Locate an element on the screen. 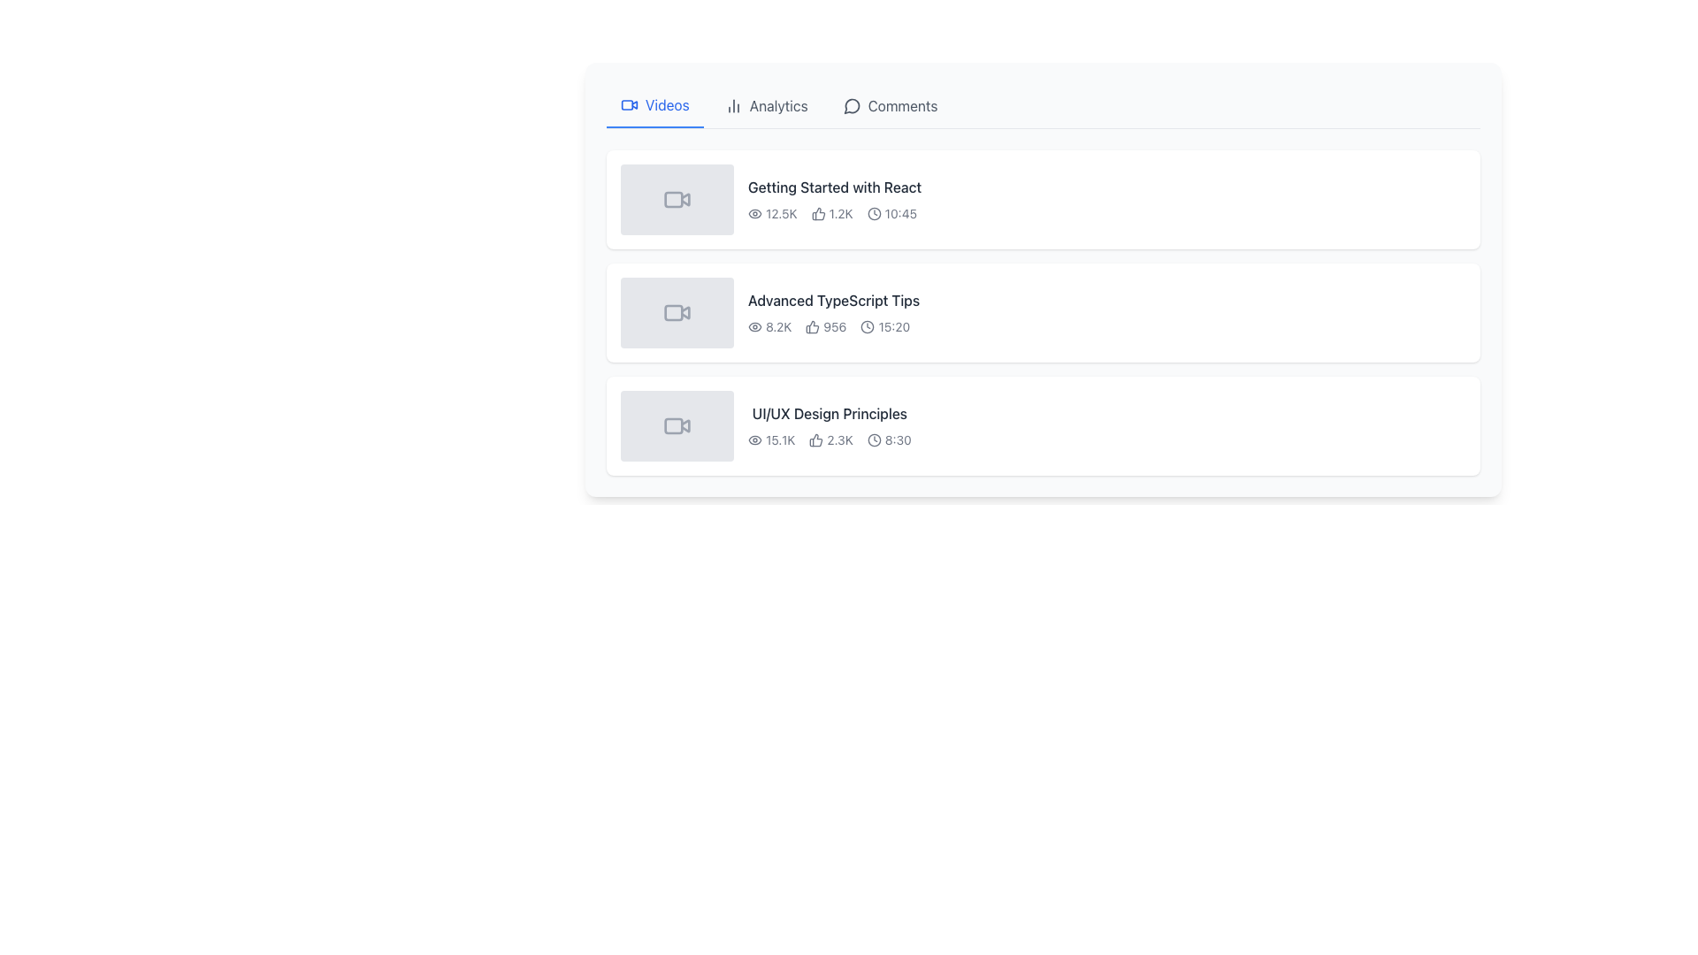 This screenshot has height=955, width=1698. the 'Videos' navigation tab, which features a video camera icon and blue bold text with an active blue underline is located at coordinates (654, 105).